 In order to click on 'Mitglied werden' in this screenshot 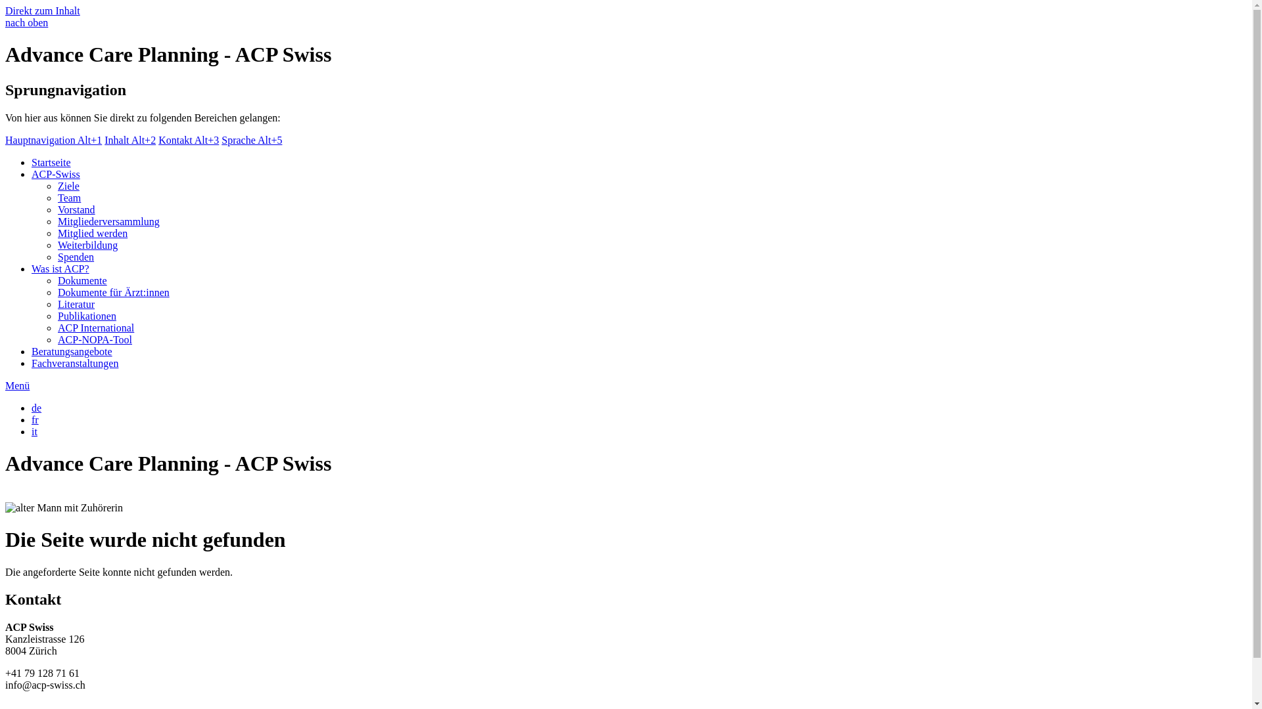, I will do `click(91, 232)`.